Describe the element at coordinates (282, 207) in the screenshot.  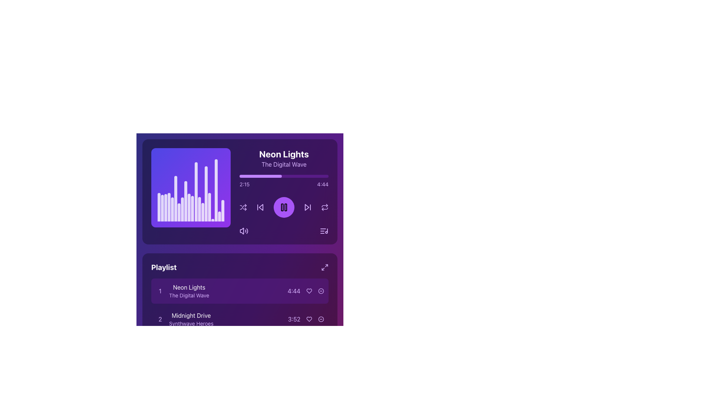
I see `the left vertical bar of the pause playback button` at that location.